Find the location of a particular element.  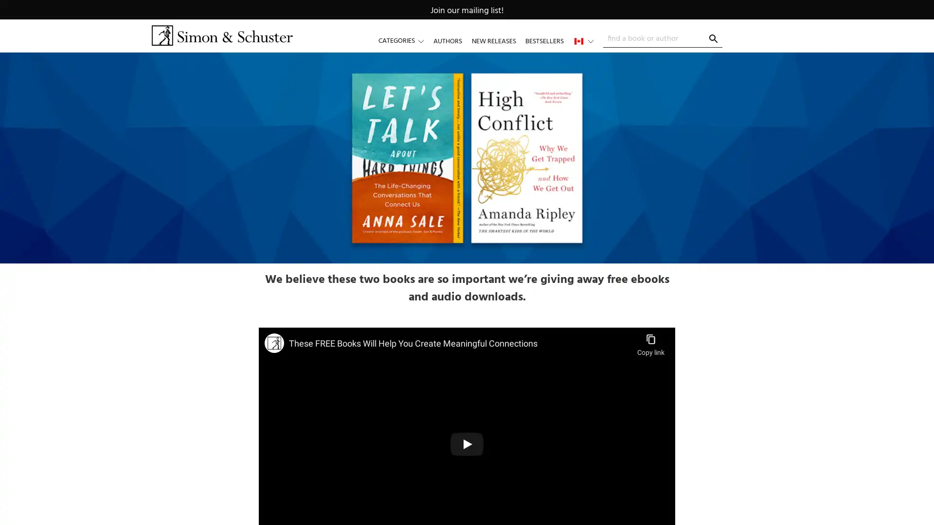

CATEGORIES is located at coordinates (406, 40).